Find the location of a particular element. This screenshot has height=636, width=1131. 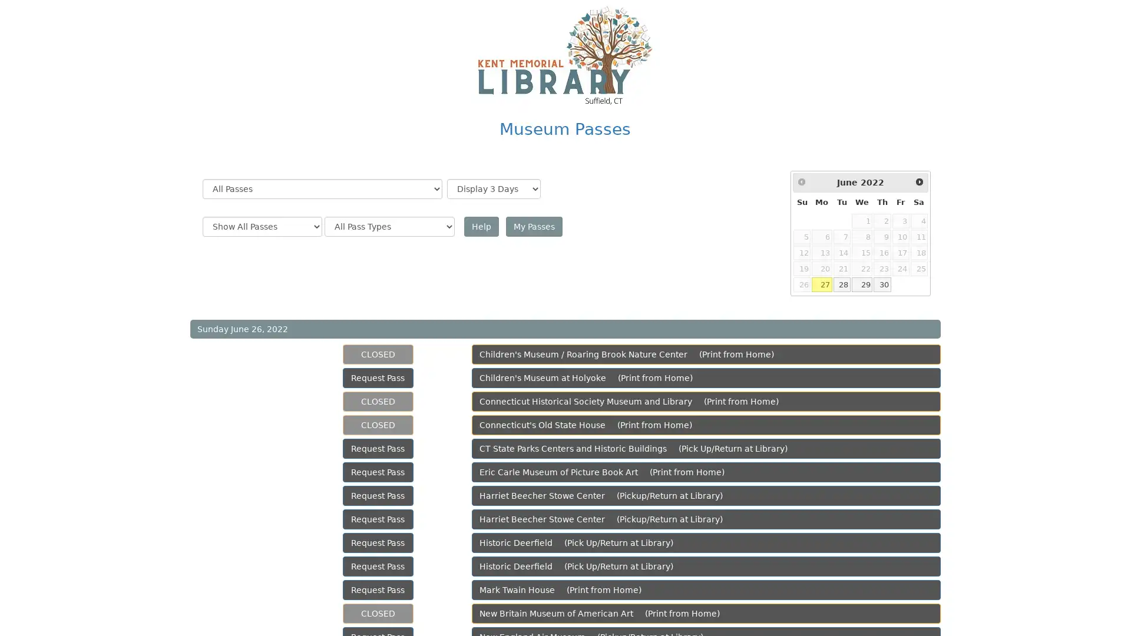

CLOSED is located at coordinates (378, 353).